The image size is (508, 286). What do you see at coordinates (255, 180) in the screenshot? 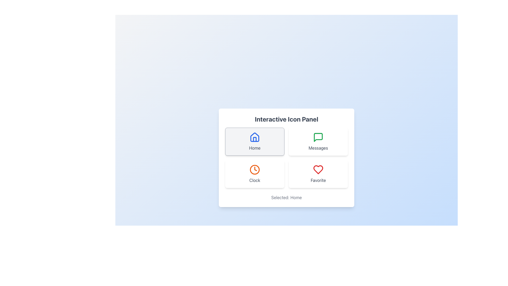
I see `the button that contains the text label for the 'Clock' icon, which is centrally aligned beneath the clock icon within the lower left quadrant of a 2x2 grid layout` at bounding box center [255, 180].